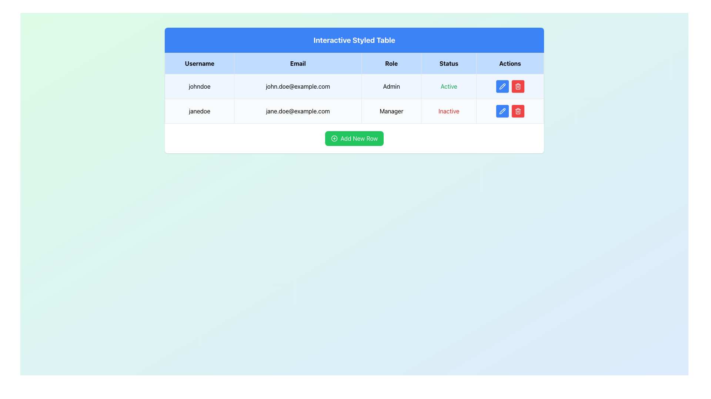  Describe the element at coordinates (448, 111) in the screenshot. I see `the 'Inactive' status text label for user 'janedoe' located in the 'Status' column of the second row in the table` at that location.